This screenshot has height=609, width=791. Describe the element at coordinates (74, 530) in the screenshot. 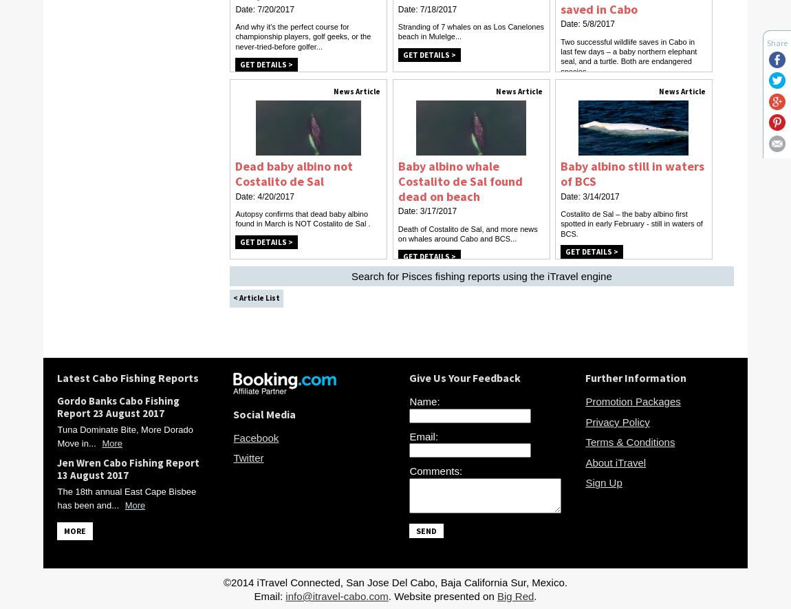

I see `'MORE'` at that location.